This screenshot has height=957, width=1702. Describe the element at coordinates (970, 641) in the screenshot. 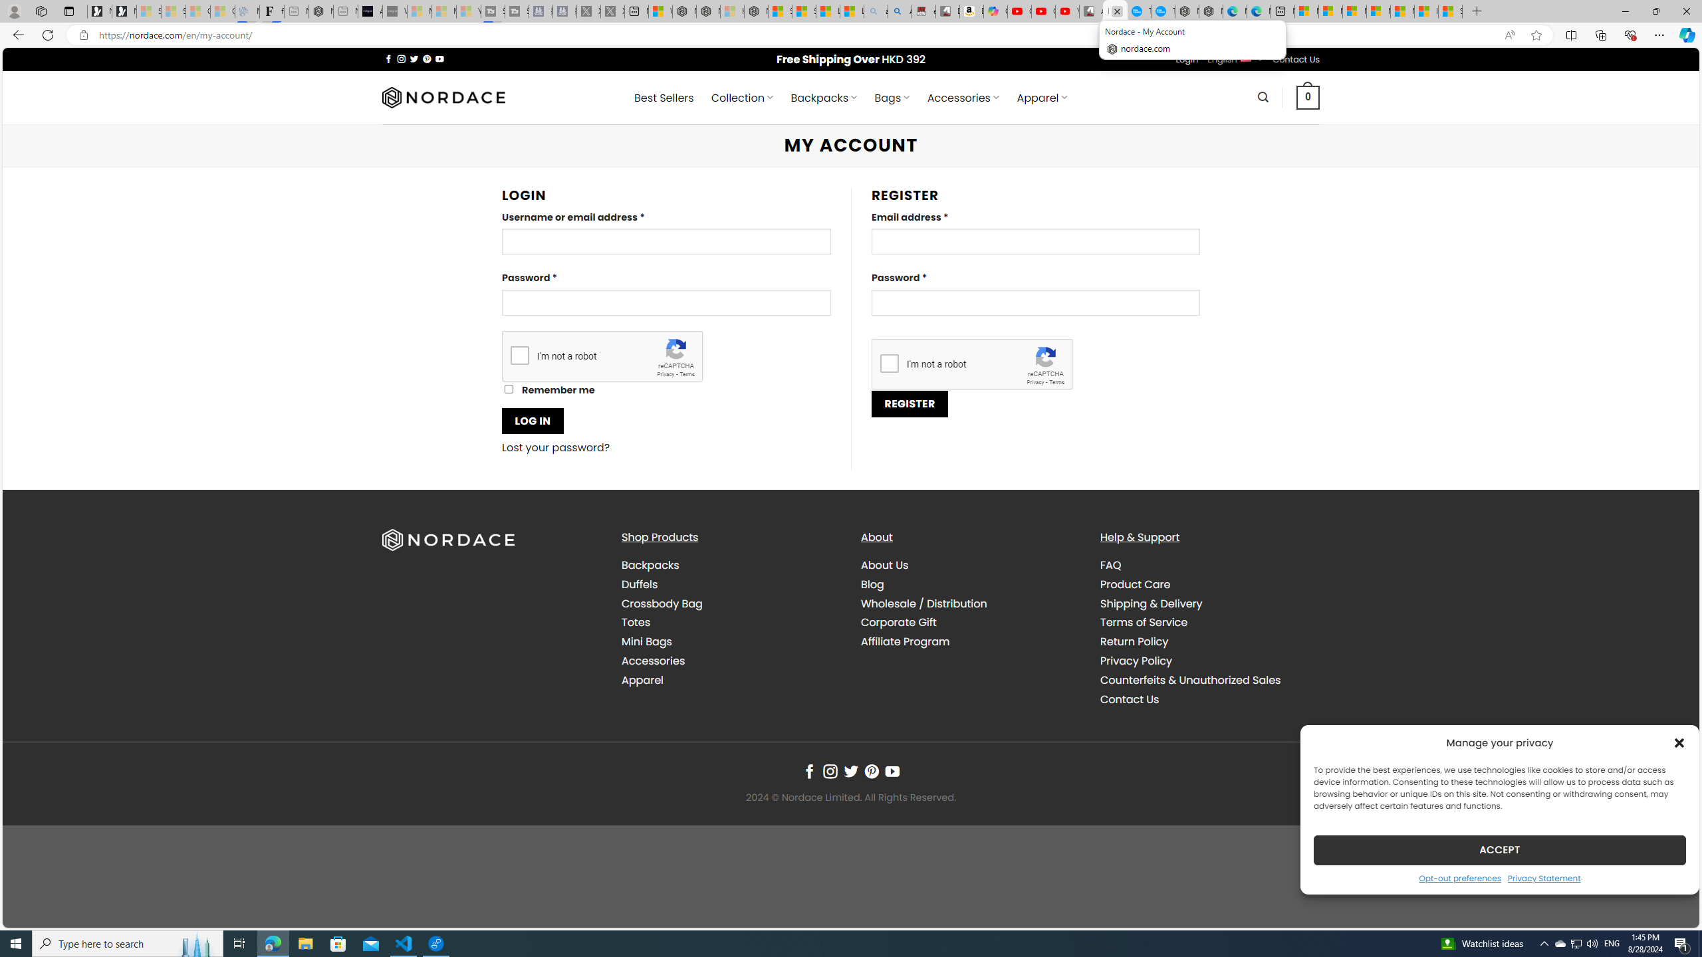

I see `'Affiliate Program'` at that location.